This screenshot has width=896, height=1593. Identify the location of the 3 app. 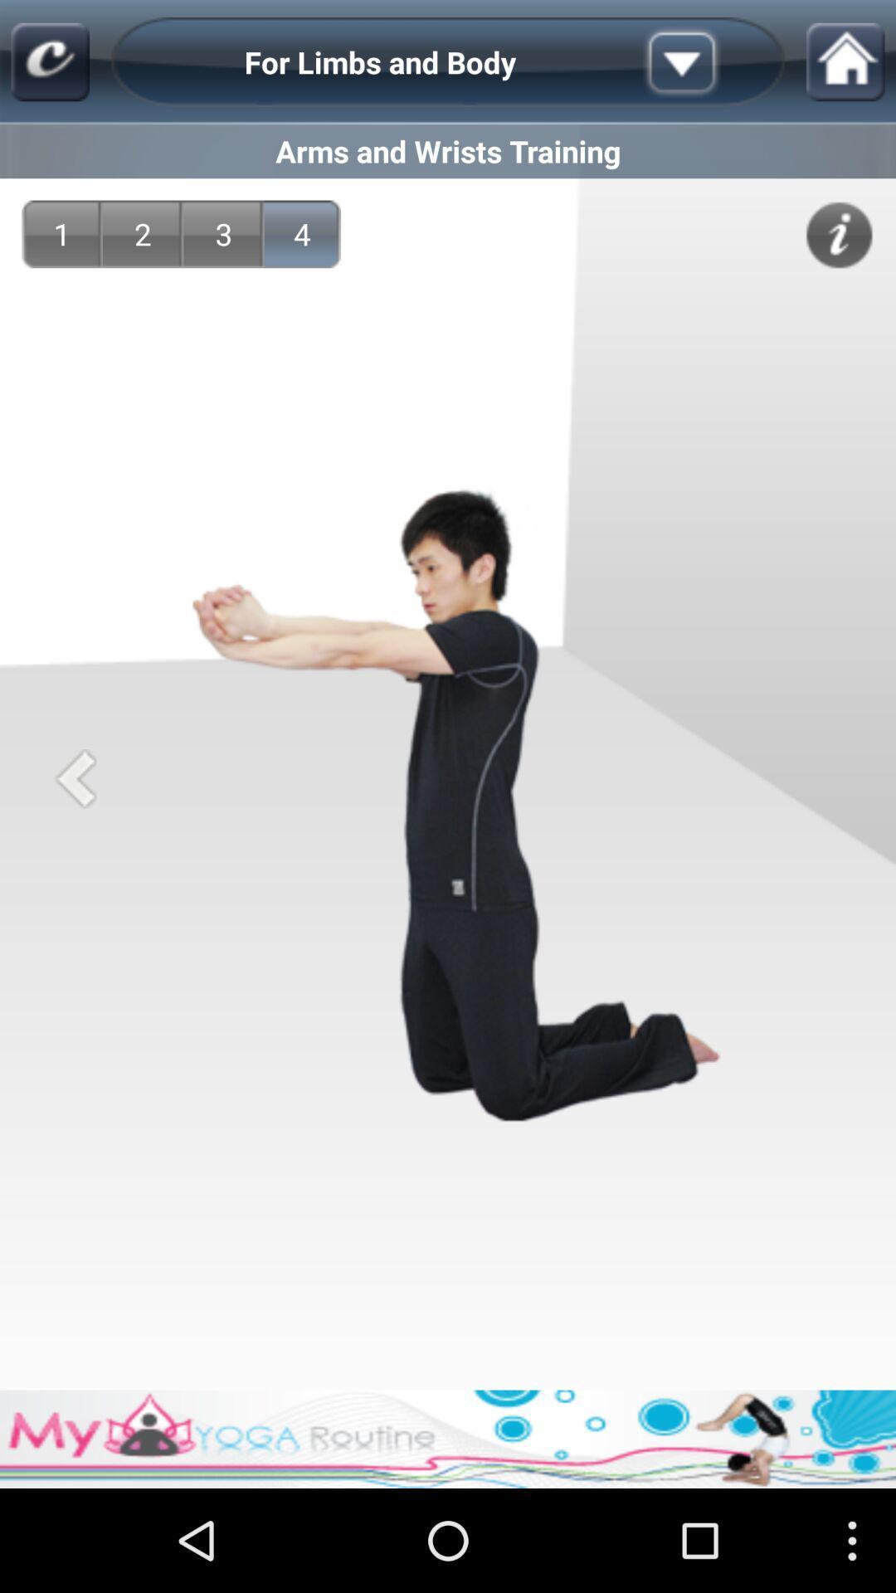
(224, 233).